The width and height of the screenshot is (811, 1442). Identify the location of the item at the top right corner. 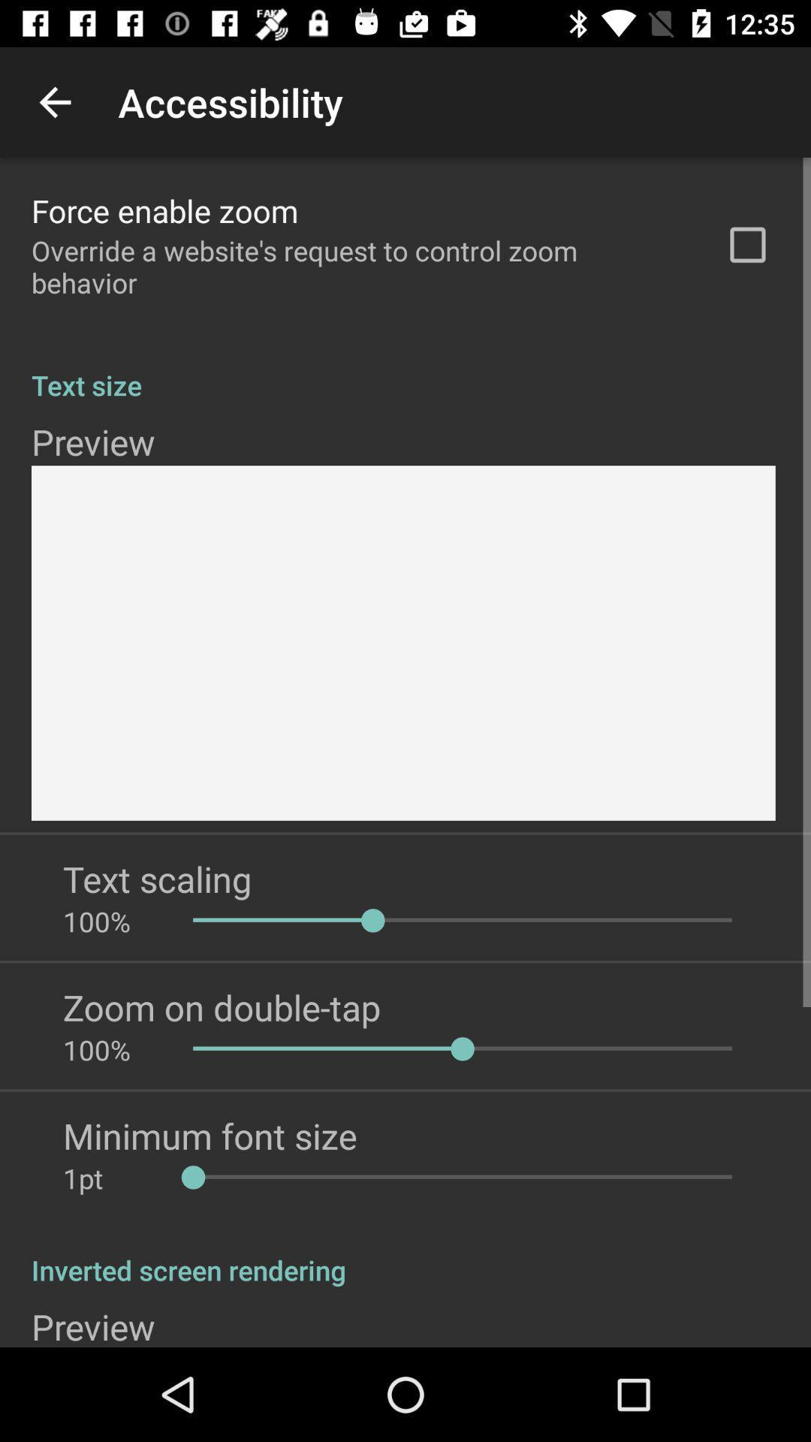
(747, 245).